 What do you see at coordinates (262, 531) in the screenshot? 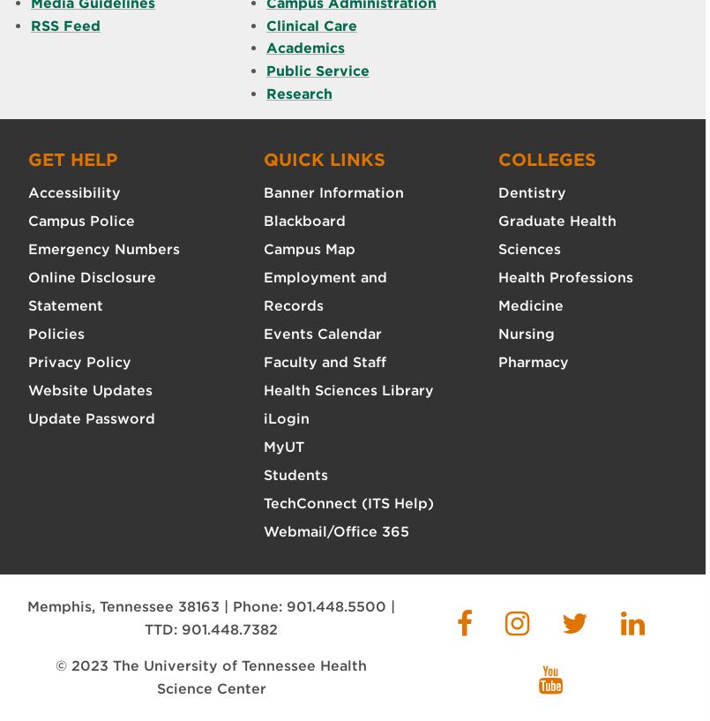
I see `'Webmail/Office 365'` at bounding box center [262, 531].